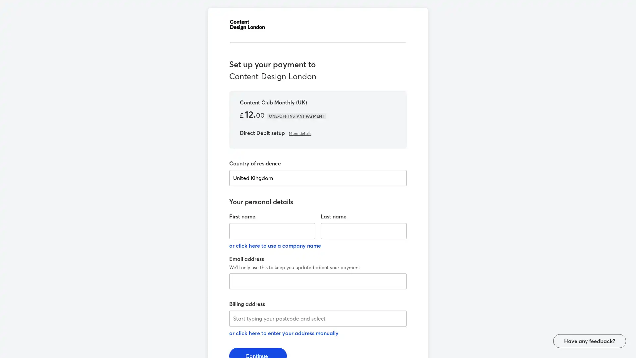 This screenshot has height=358, width=636. Describe the element at coordinates (284, 332) in the screenshot. I see `or click here to enter your address manually` at that location.